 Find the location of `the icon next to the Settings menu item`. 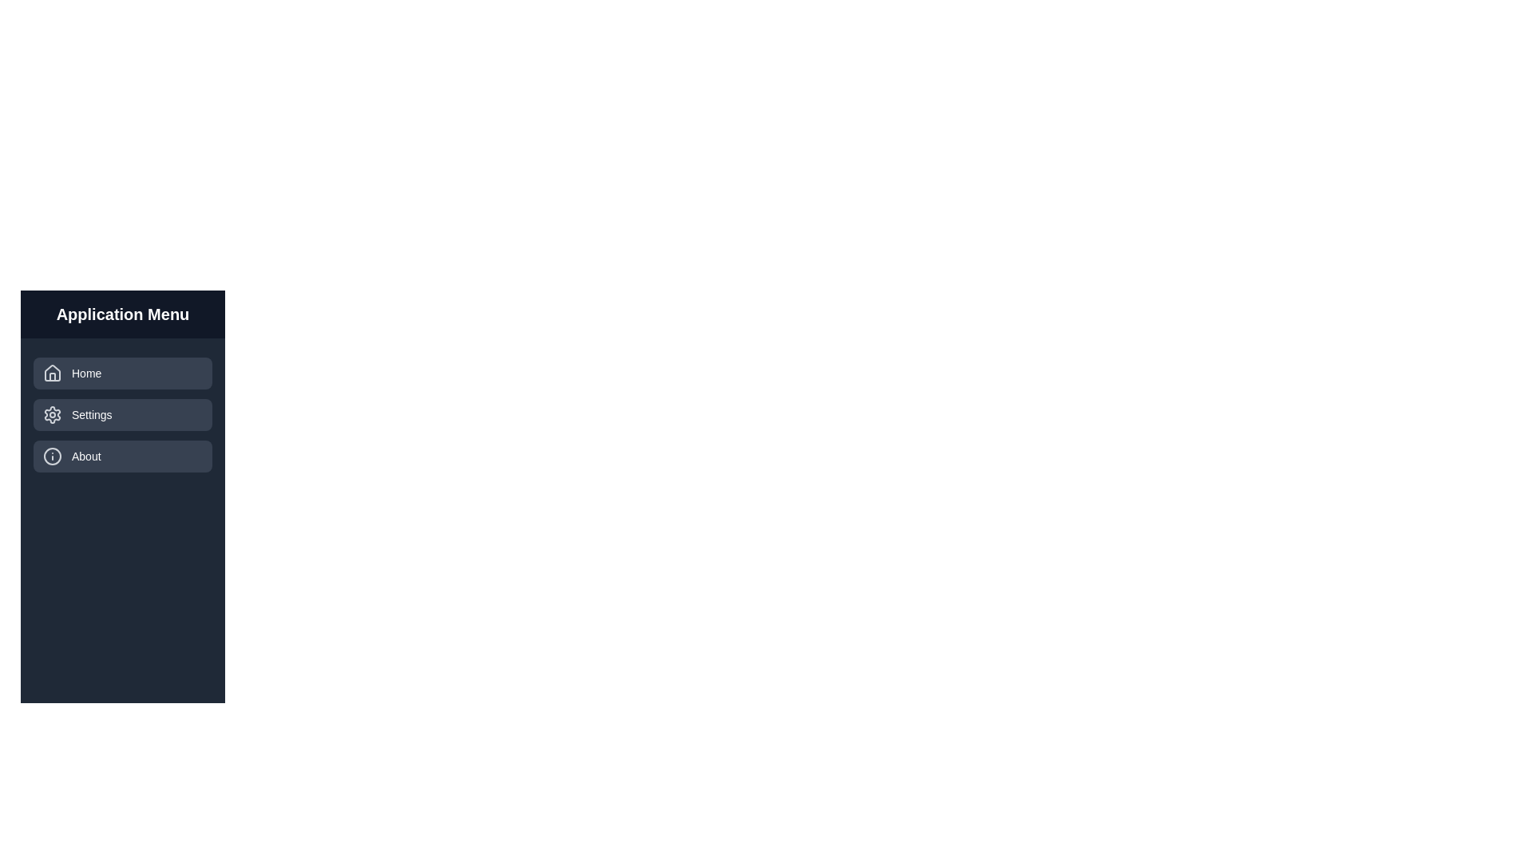

the icon next to the Settings menu item is located at coordinates (53, 414).